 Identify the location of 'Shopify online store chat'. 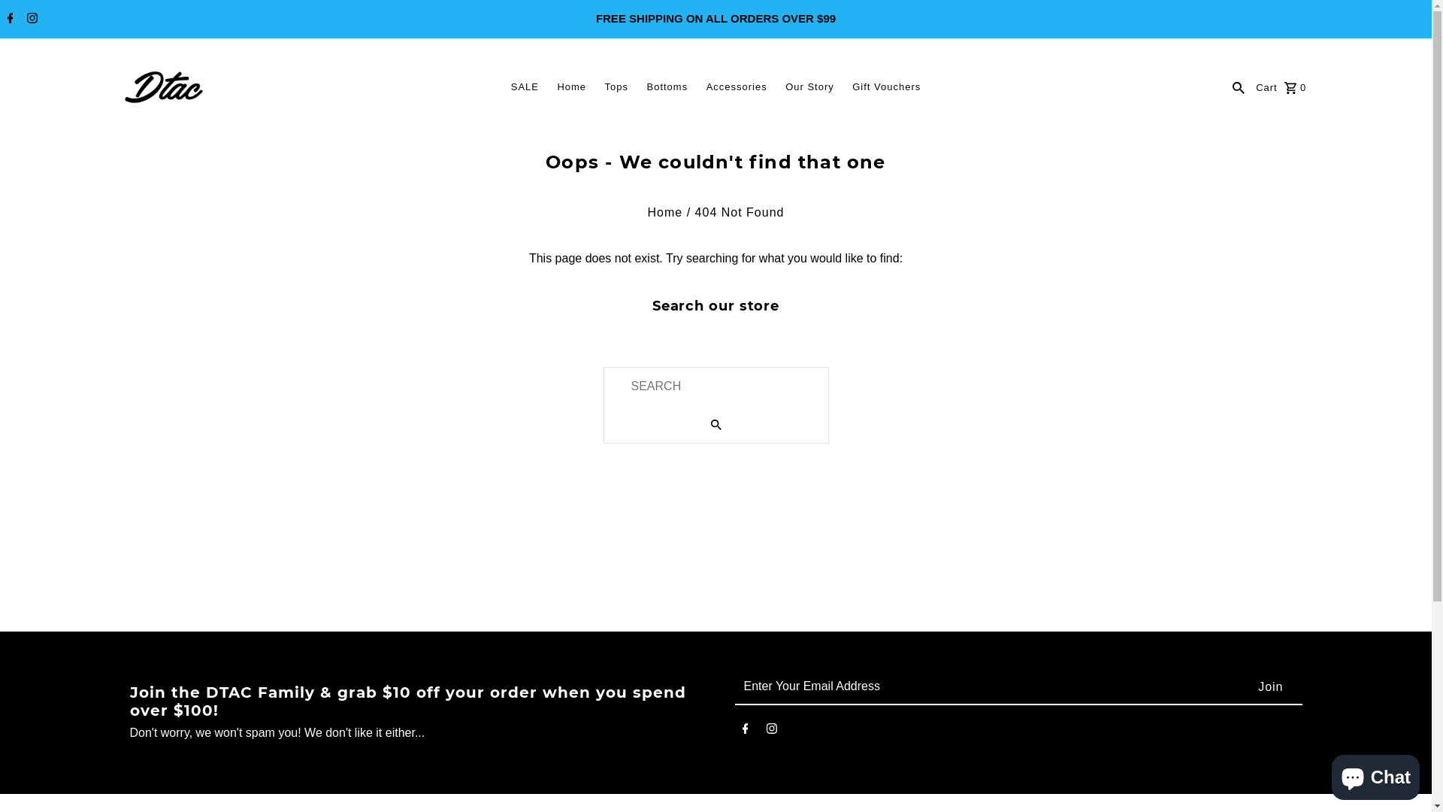
(1375, 774).